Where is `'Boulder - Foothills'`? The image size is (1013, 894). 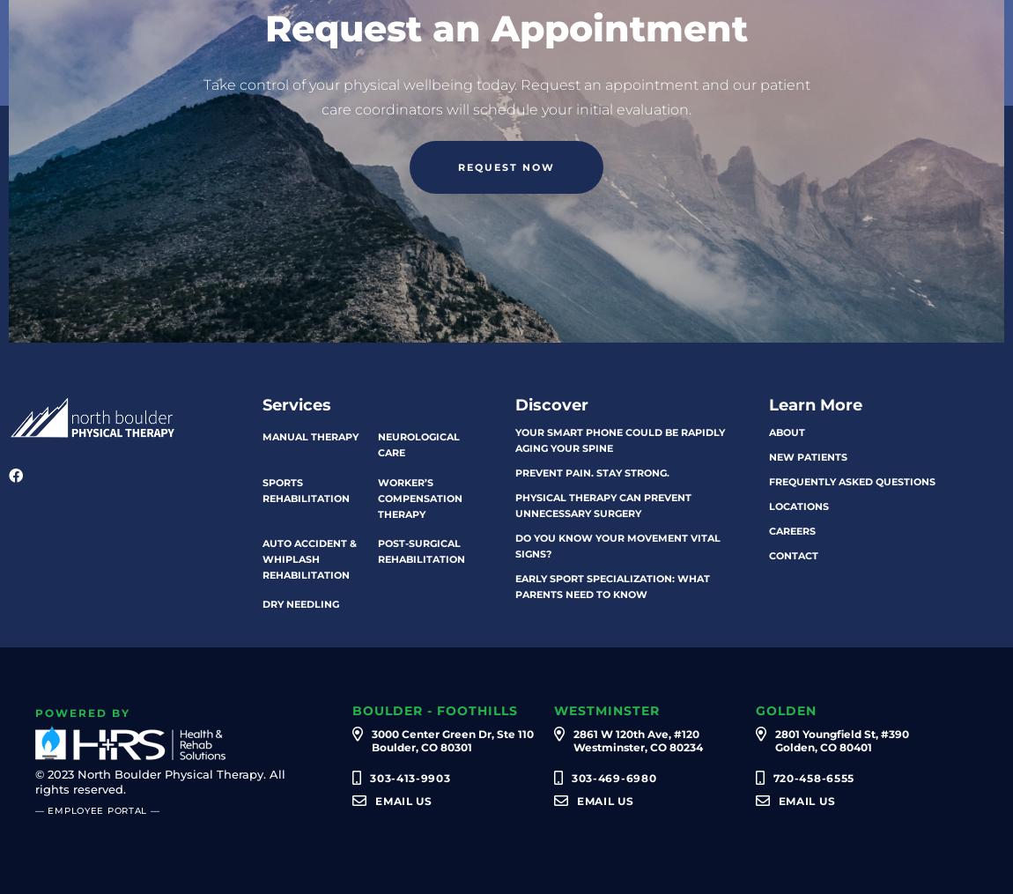
'Boulder - Foothills' is located at coordinates (434, 711).